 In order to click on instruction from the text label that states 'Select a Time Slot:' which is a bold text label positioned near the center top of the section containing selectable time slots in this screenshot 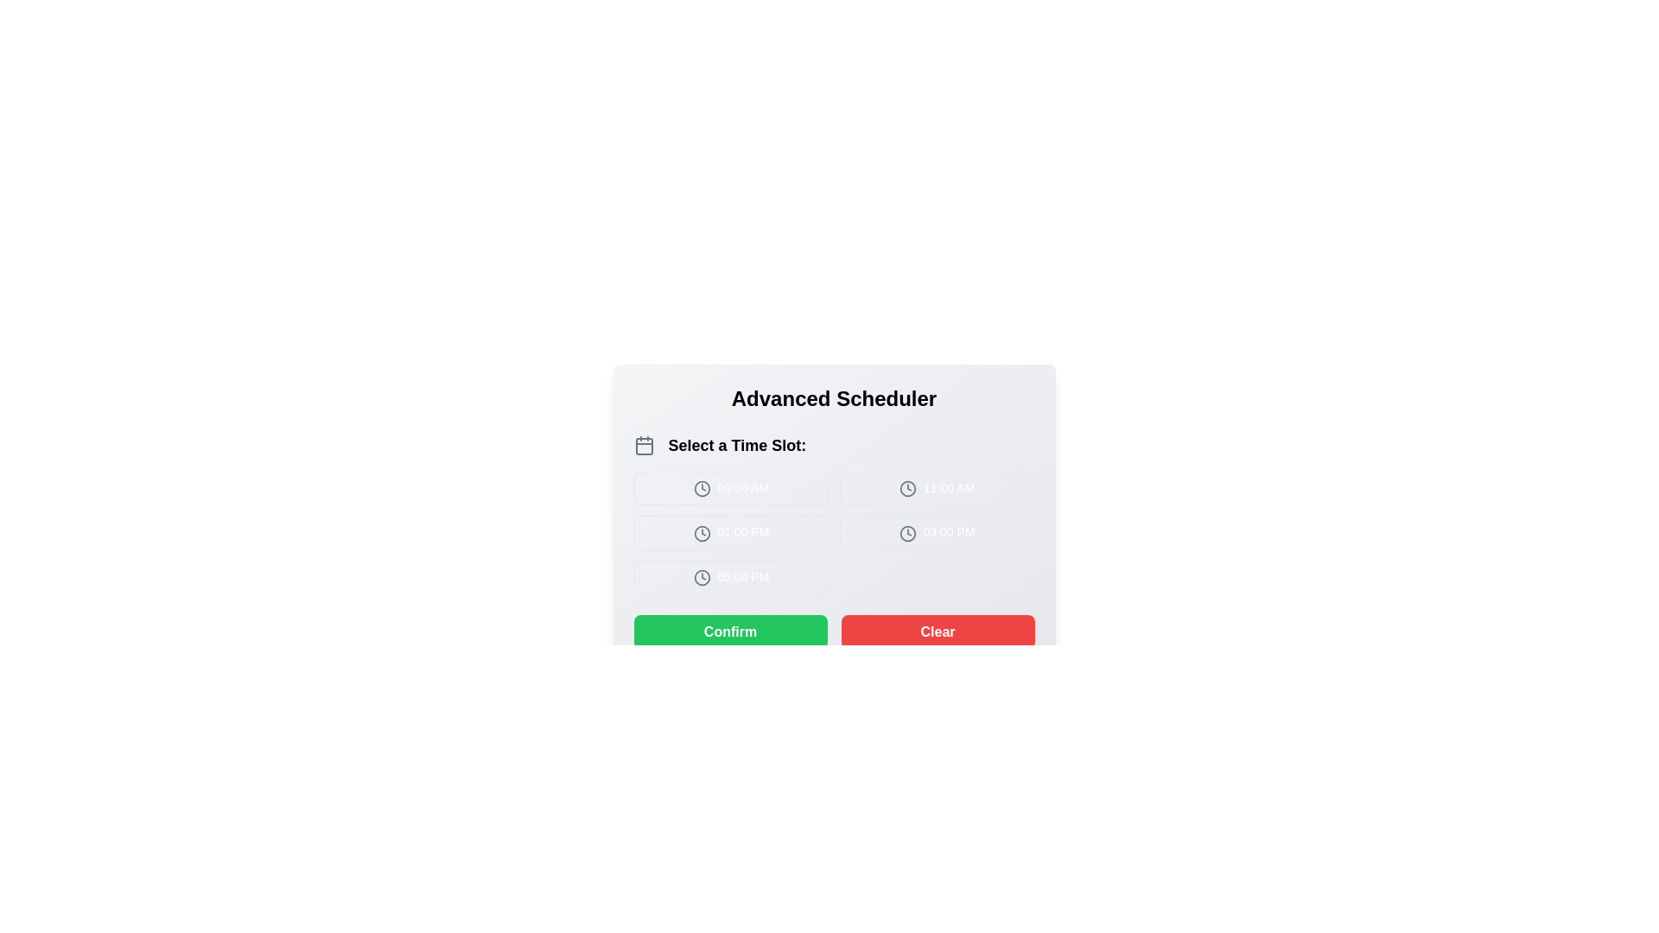, I will do `click(737, 445)`.